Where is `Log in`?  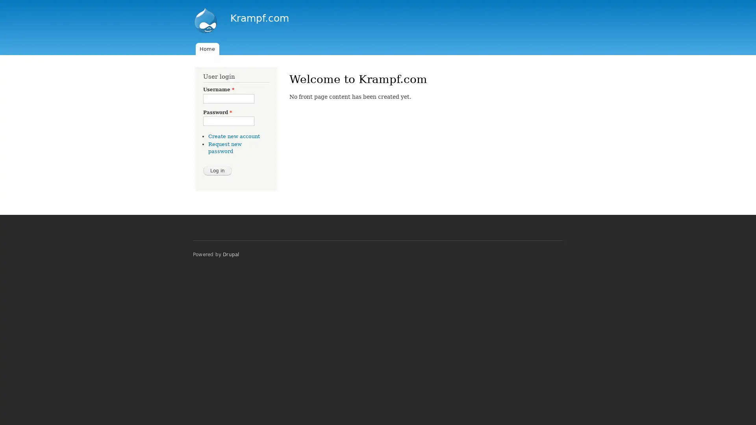
Log in is located at coordinates (217, 170).